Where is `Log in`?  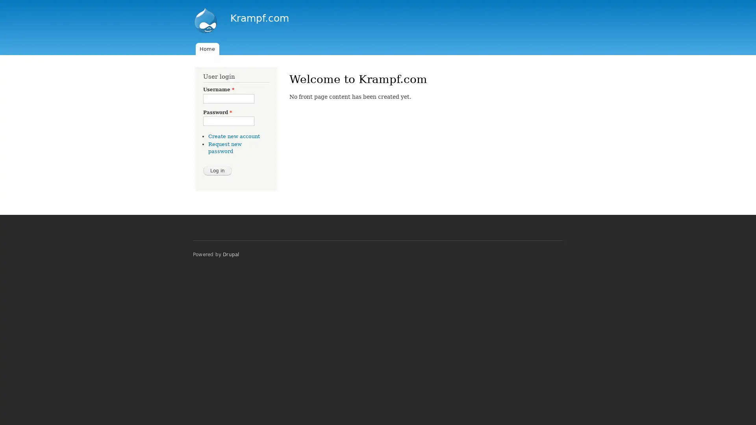
Log in is located at coordinates (217, 170).